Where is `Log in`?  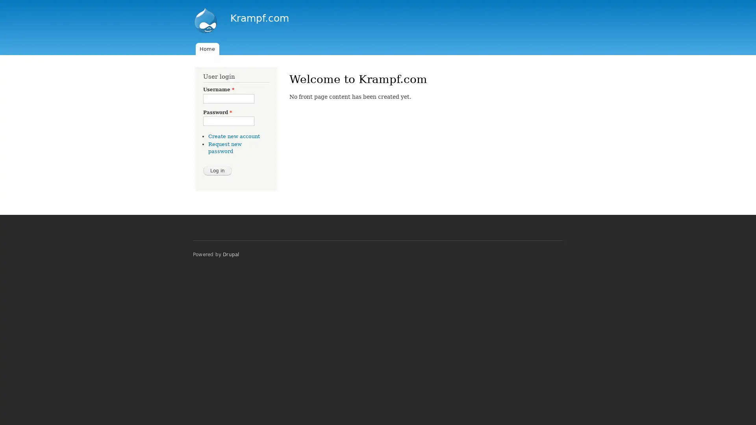
Log in is located at coordinates (217, 170).